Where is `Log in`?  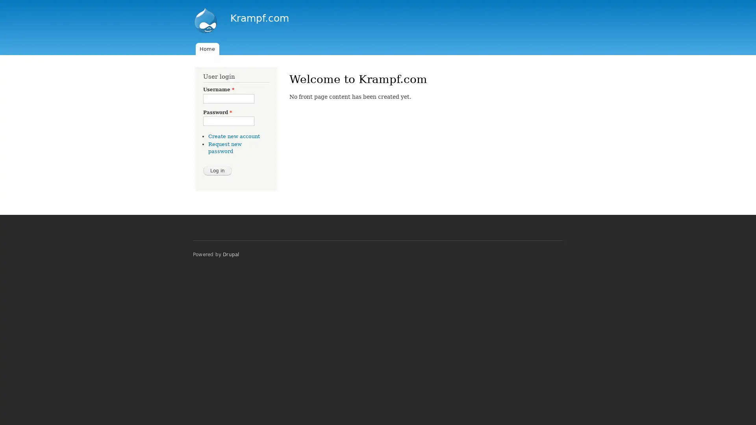
Log in is located at coordinates (217, 170).